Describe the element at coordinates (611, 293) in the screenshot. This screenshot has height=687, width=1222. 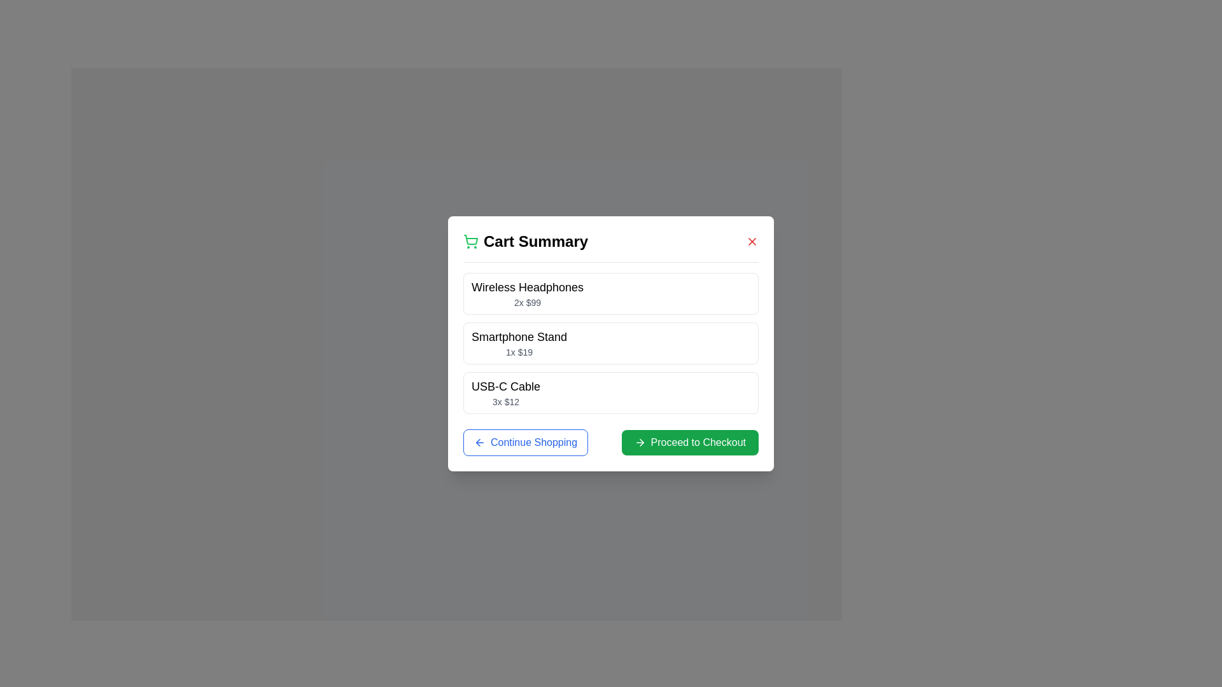
I see `the first item in the 'Cart Summary' section that displays product details, including product name, quantity, and total price` at that location.